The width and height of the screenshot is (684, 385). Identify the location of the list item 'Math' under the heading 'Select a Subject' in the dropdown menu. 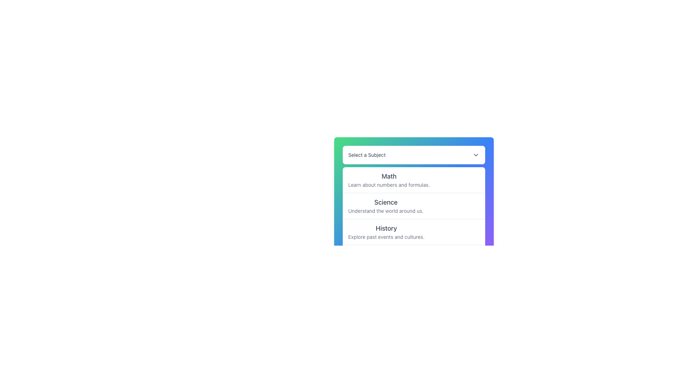
(414, 180).